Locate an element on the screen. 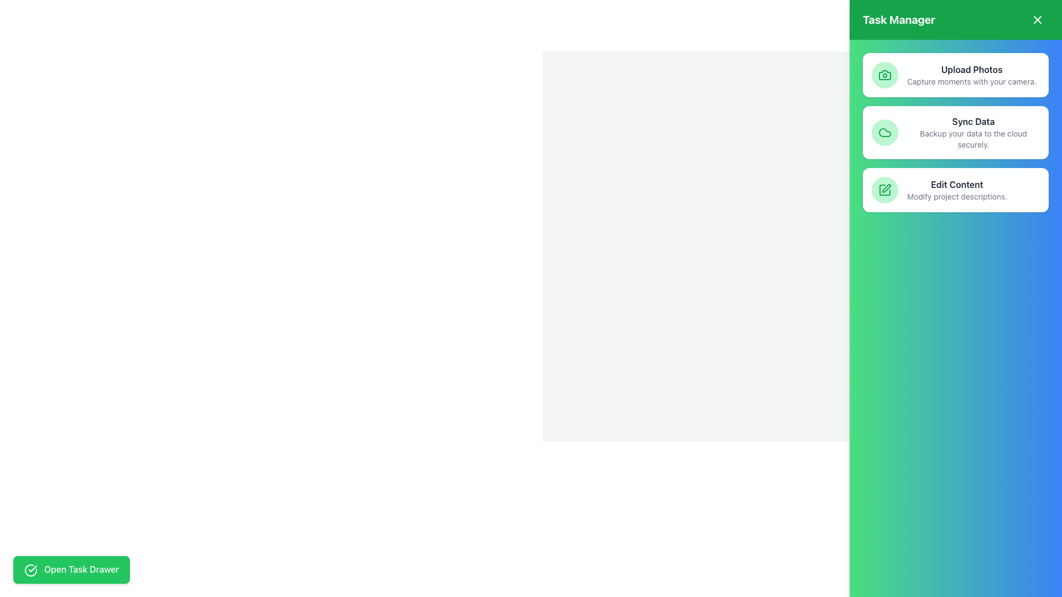 The image size is (1062, 597). the 'X' icon in the top-right corner of the green header labeled 'Task Manager' is located at coordinates (1037, 19).